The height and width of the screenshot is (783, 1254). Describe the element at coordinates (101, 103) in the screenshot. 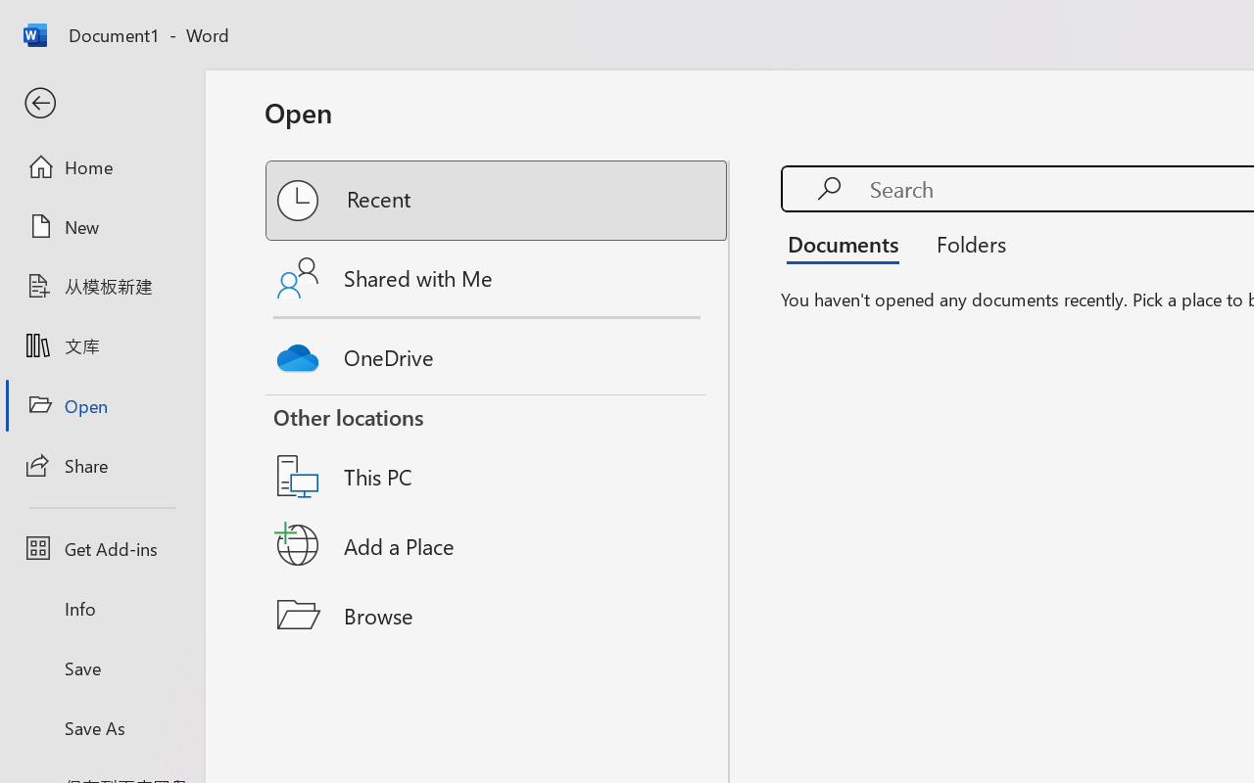

I see `'Back'` at that location.